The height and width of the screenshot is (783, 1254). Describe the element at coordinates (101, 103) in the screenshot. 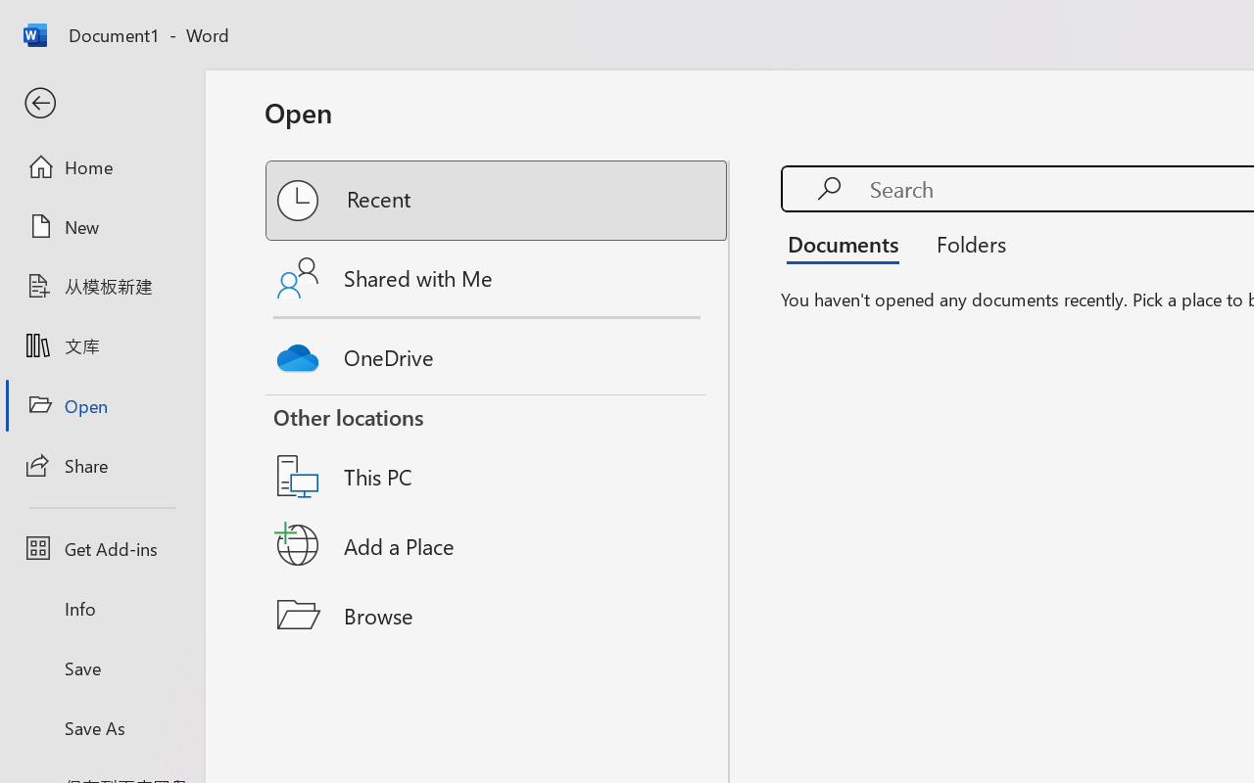

I see `'Back'` at that location.